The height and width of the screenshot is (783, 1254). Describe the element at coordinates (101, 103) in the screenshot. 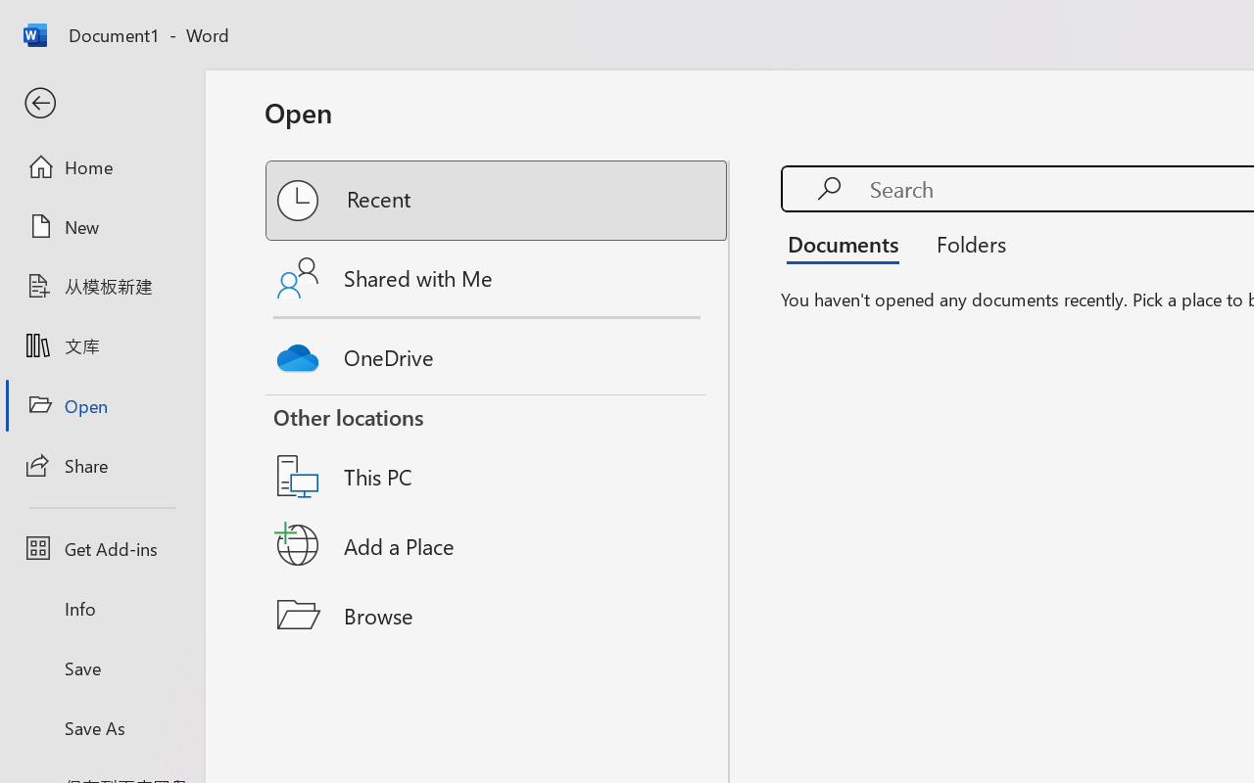

I see `'Back'` at that location.